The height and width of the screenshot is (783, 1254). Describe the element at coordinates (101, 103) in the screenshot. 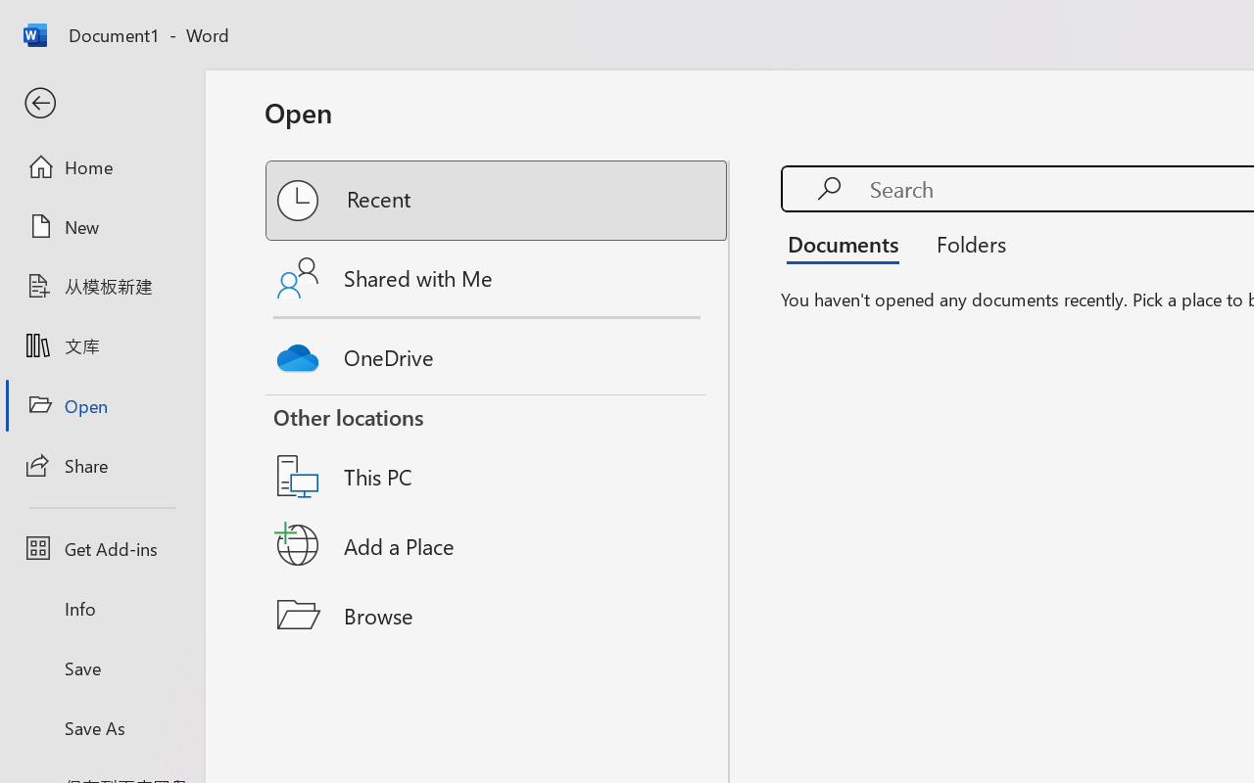

I see `'Back'` at that location.